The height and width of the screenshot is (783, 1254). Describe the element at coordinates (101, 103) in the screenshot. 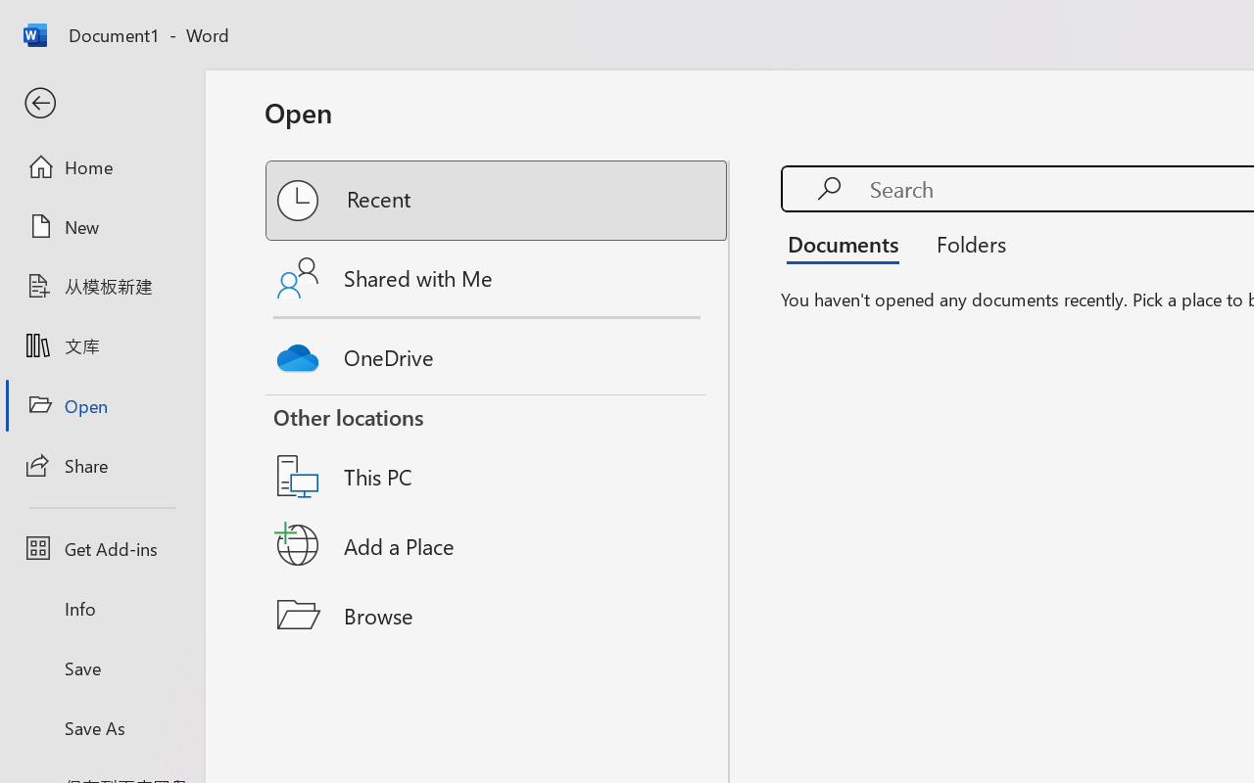

I see `'Back'` at that location.